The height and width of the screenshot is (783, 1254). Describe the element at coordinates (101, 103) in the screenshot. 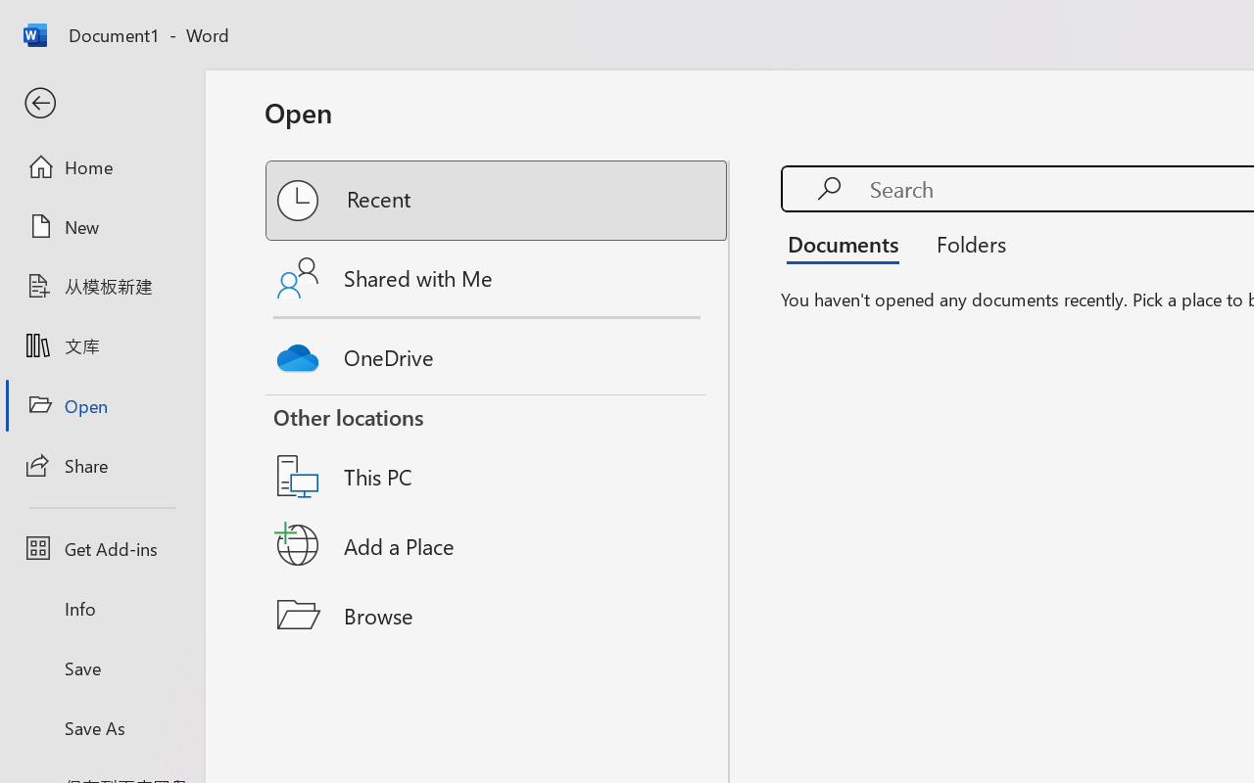

I see `'Back'` at that location.